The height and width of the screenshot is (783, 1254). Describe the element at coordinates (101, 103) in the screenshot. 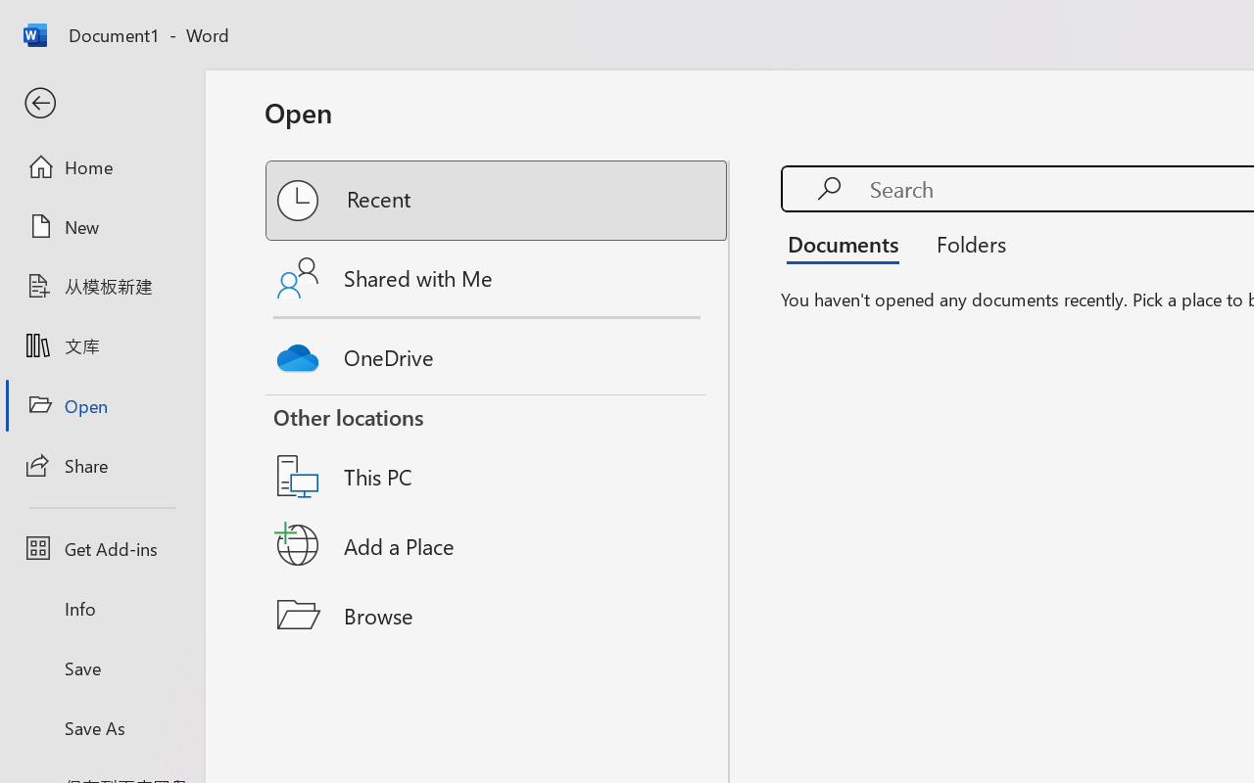

I see `'Back'` at that location.